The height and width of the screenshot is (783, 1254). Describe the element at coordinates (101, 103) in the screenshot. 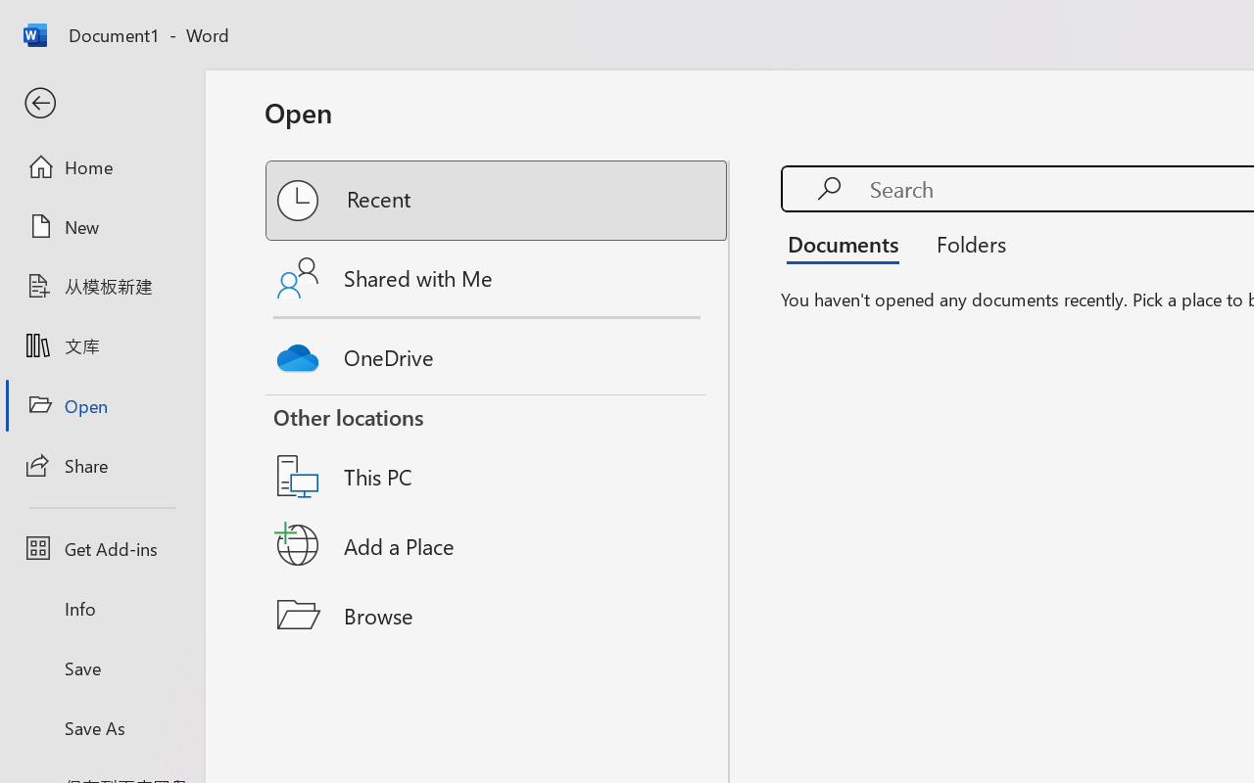

I see `'Back'` at that location.